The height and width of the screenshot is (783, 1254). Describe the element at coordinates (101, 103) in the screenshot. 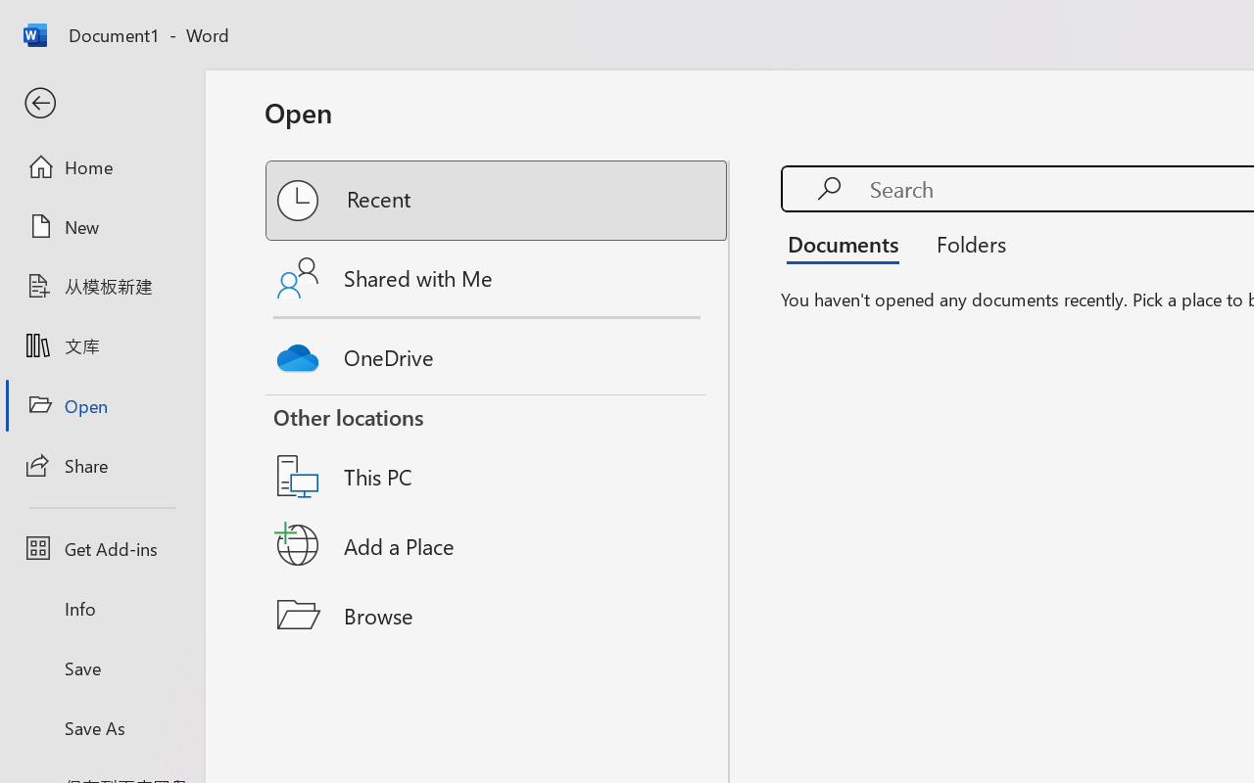

I see `'Back'` at that location.